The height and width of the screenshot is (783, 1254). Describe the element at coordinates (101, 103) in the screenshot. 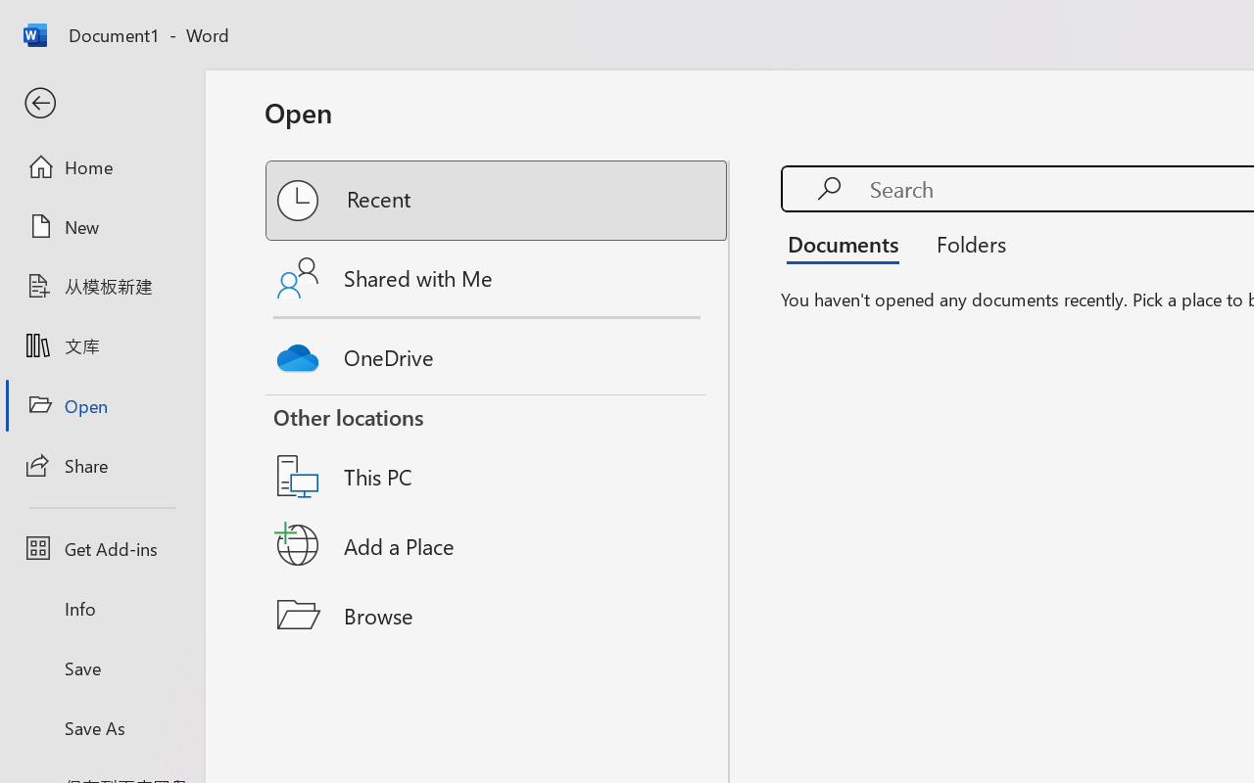

I see `'Back'` at that location.